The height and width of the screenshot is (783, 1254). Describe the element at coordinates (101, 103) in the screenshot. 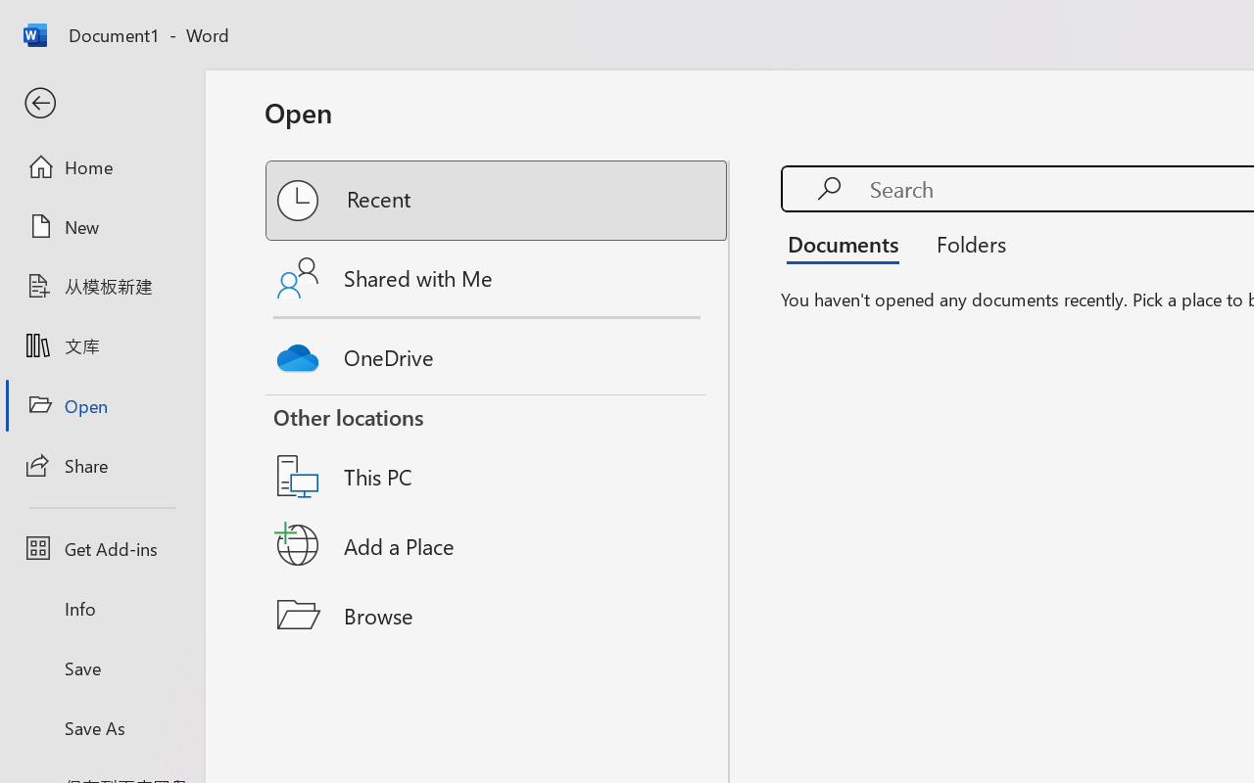

I see `'Back'` at that location.